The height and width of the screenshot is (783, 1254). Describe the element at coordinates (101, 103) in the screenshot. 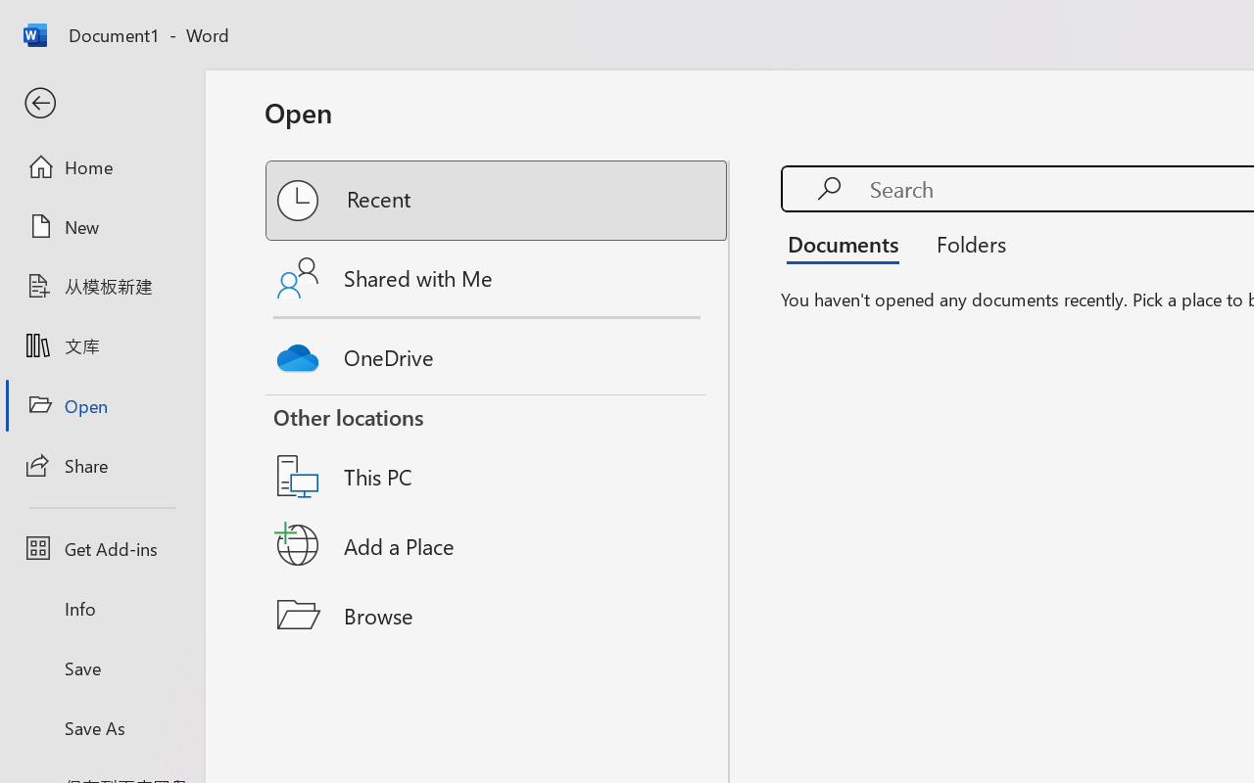

I see `'Back'` at that location.